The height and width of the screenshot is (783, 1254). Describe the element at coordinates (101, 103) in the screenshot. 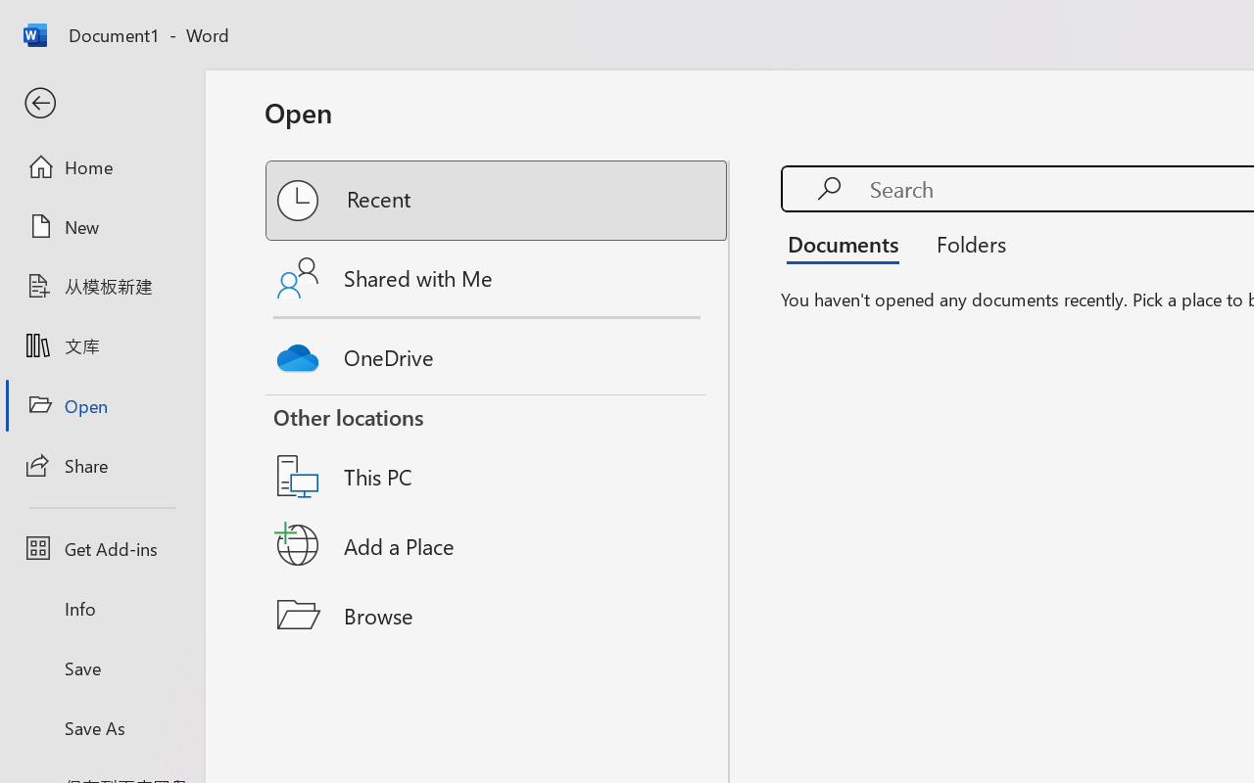

I see `'Back'` at that location.